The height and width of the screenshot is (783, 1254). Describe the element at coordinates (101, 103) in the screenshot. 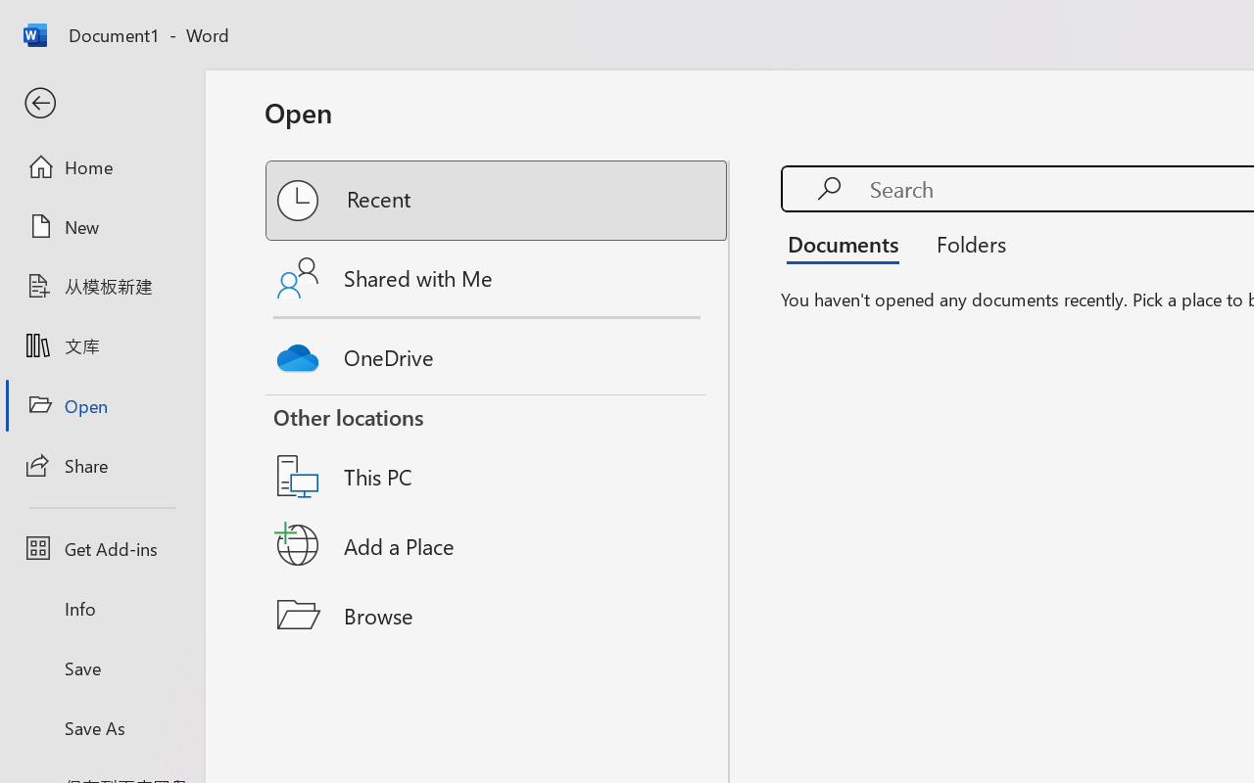

I see `'Back'` at that location.